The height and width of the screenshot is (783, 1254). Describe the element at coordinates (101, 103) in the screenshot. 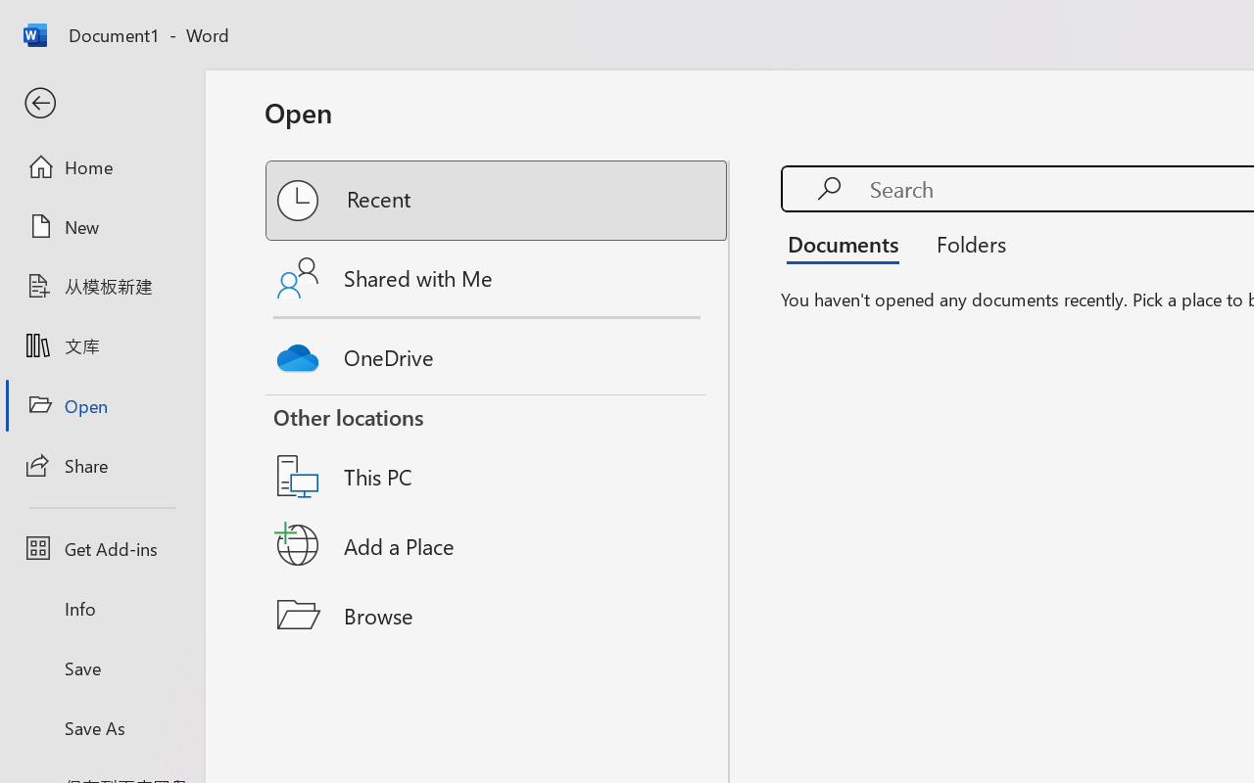

I see `'Back'` at that location.